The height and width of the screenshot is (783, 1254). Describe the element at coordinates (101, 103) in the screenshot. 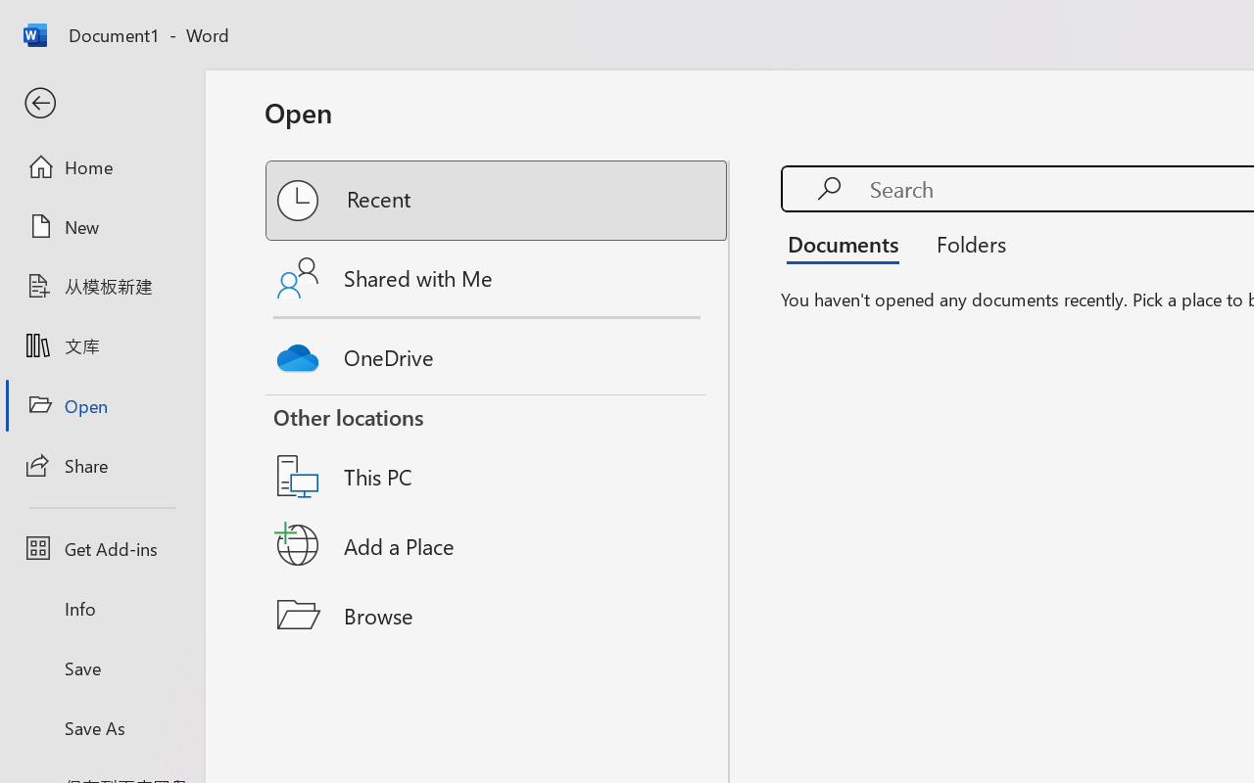

I see `'Back'` at that location.